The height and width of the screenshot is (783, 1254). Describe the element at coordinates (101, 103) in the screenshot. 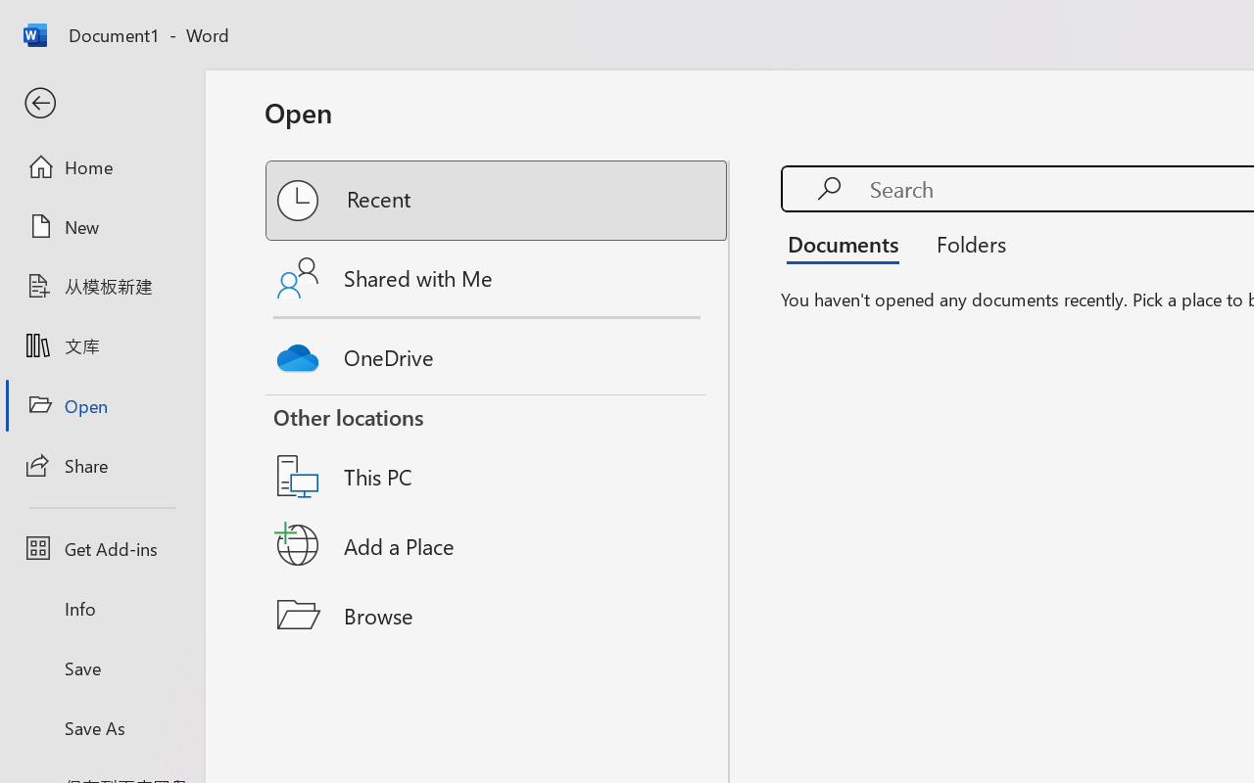

I see `'Back'` at that location.